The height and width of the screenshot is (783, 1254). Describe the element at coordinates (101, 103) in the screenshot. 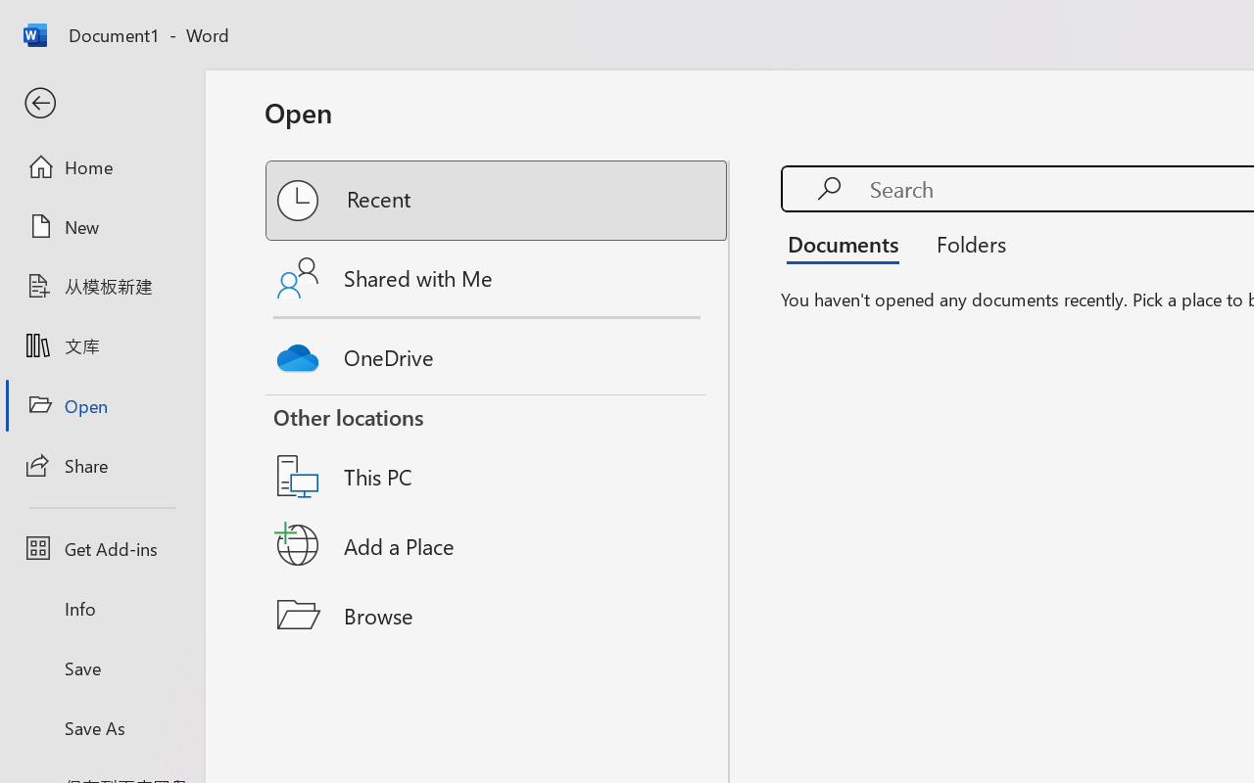

I see `'Back'` at that location.